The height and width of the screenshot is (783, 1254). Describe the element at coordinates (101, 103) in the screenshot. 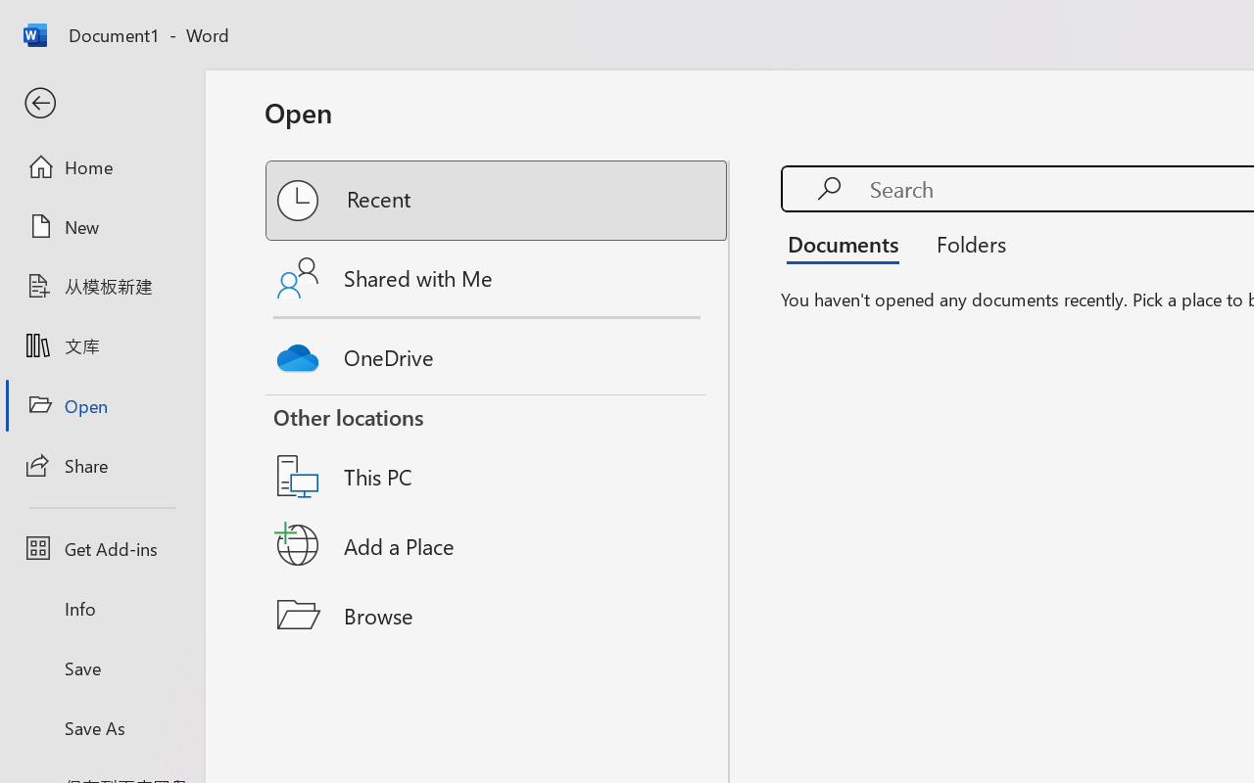

I see `'Back'` at that location.